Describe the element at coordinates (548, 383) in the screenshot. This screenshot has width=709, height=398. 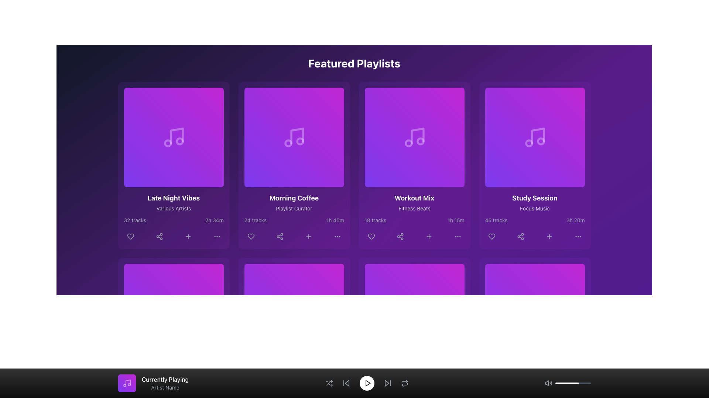
I see `the current state of the speaker icon in the media control toolbar, which resembles a speaker emitting sound waves and is located on the leftmost side of the player controls` at that location.